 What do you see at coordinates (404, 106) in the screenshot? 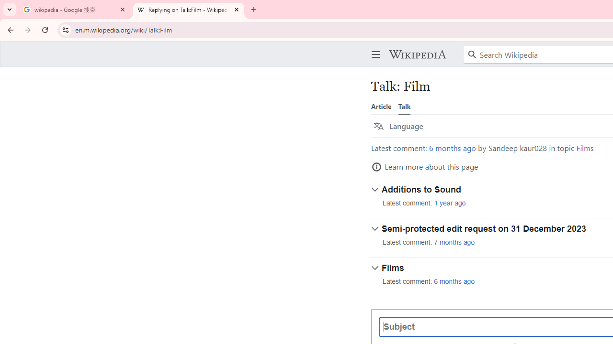
I see `'Talk'` at bounding box center [404, 106].